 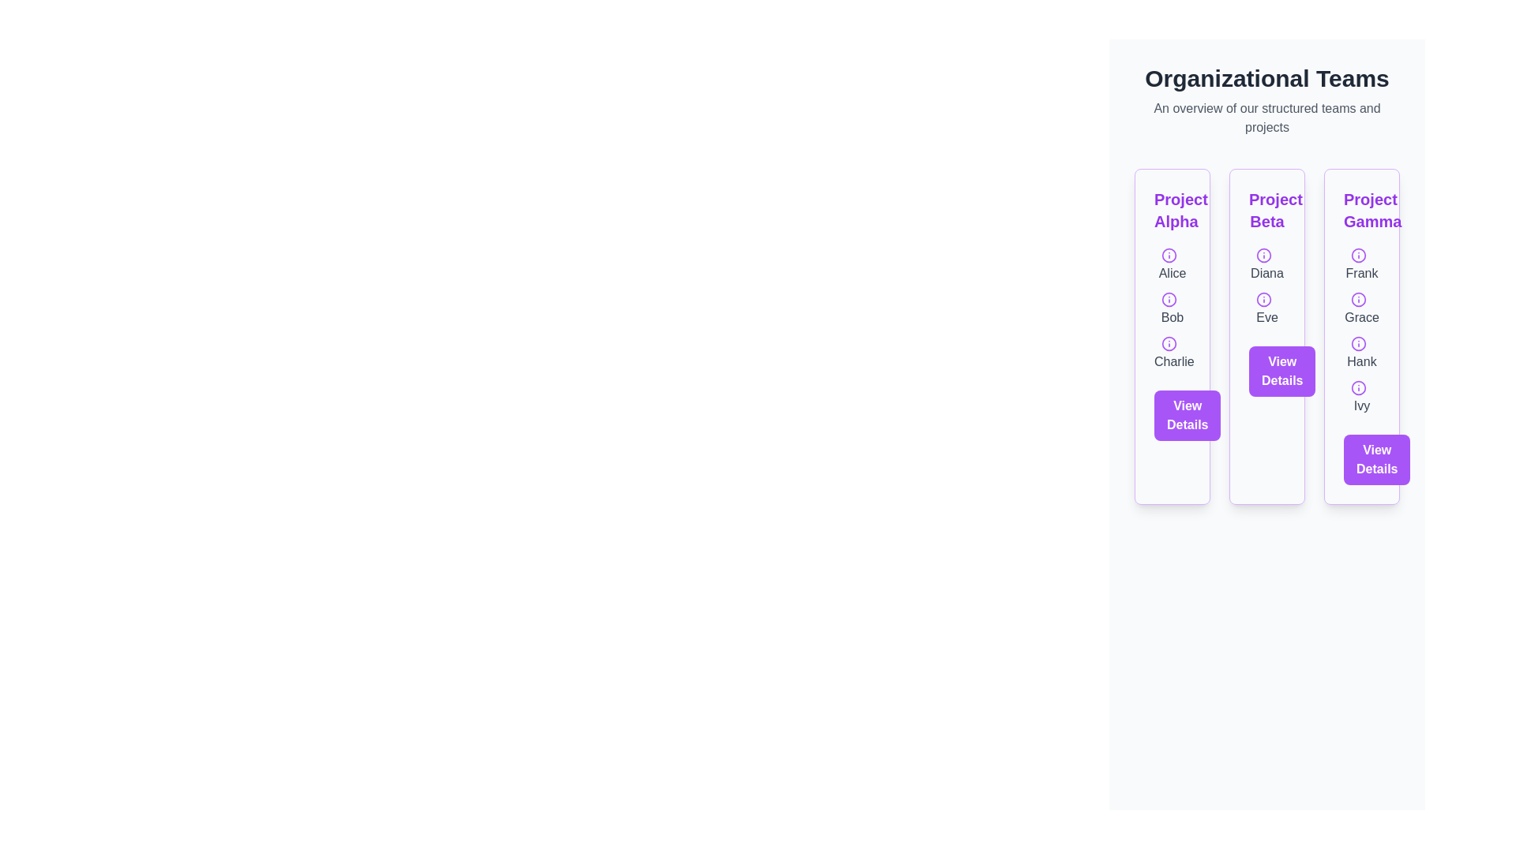 What do you see at coordinates (1172, 352) in the screenshot?
I see `the text label identifying the participant named 'Charlie' located under the 'Project Alpha' section, which is positioned between 'Bob' and the 'View Details' button` at bounding box center [1172, 352].